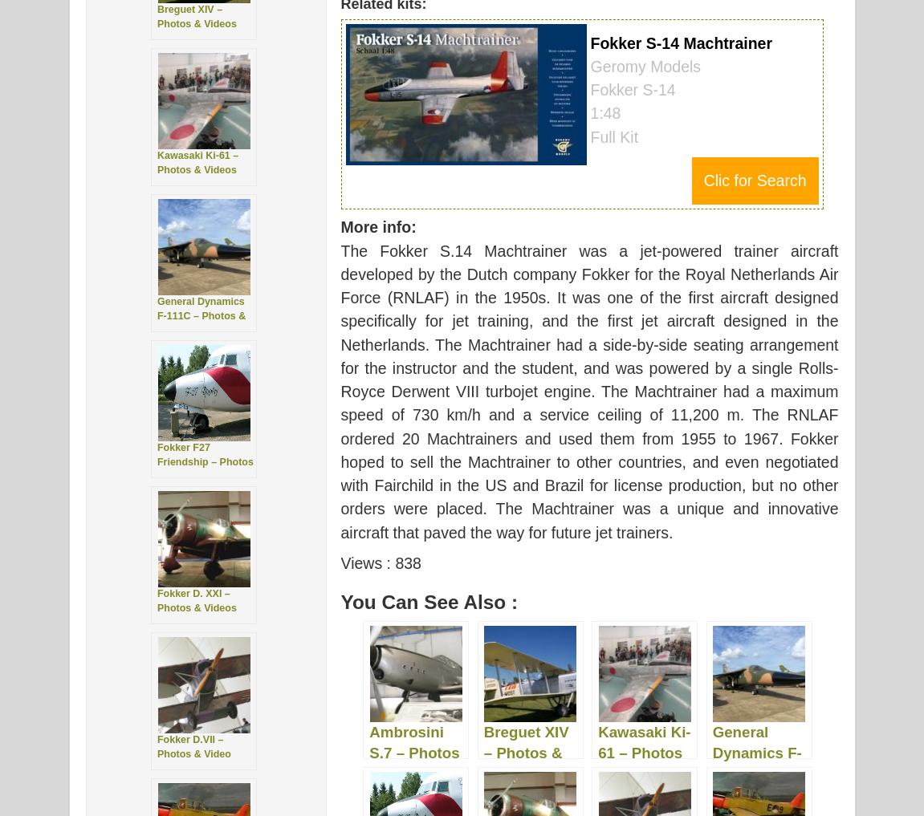  I want to click on 'Full Kit', so click(613, 136).